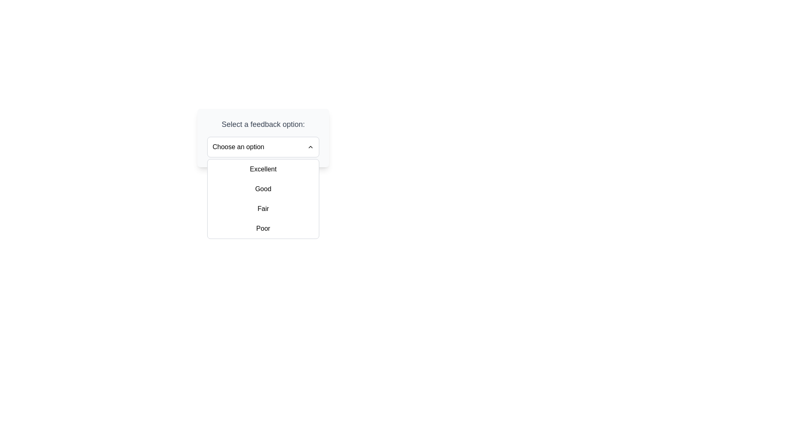 The width and height of the screenshot is (791, 445). What do you see at coordinates (262, 138) in the screenshot?
I see `the feedback selection dropdown menu located in the center of the modal window` at bounding box center [262, 138].